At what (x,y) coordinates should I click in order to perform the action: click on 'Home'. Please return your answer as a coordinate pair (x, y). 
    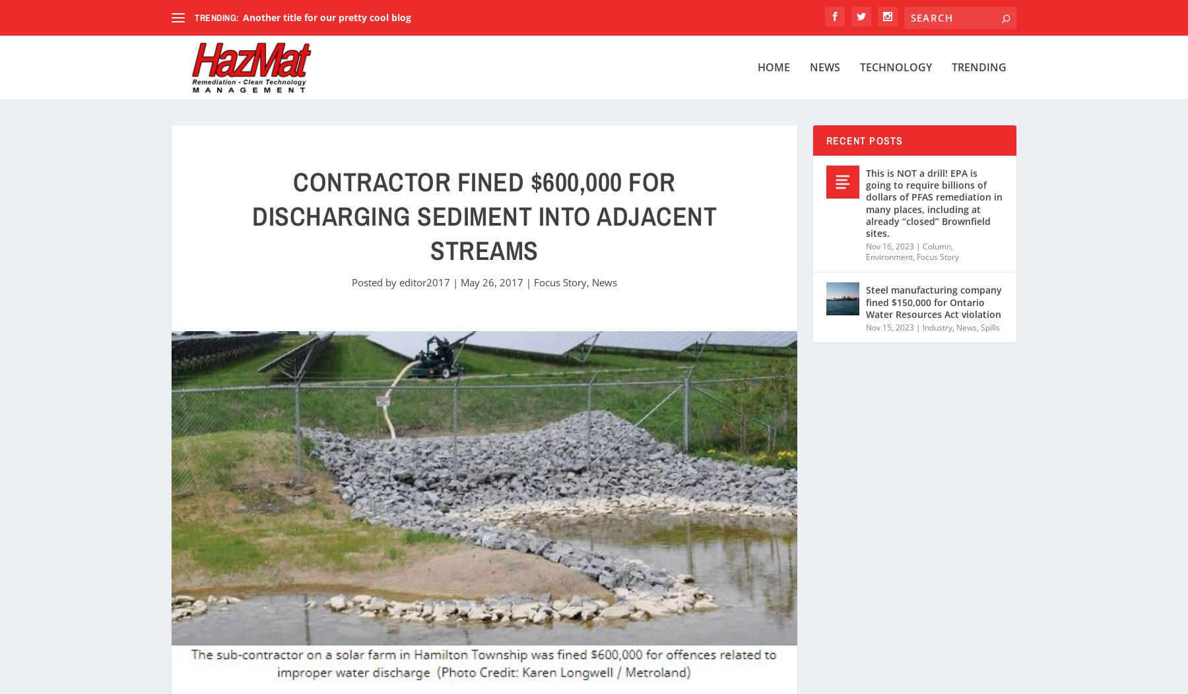
    Looking at the image, I should click on (773, 67).